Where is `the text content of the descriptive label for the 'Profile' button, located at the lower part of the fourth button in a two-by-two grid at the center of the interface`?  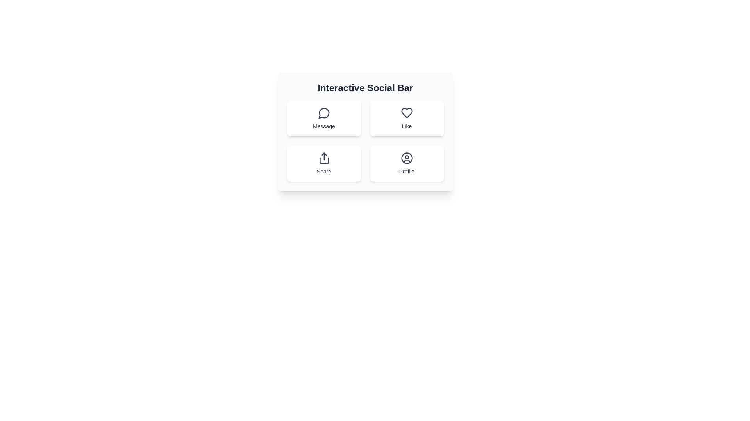
the text content of the descriptive label for the 'Profile' button, located at the lower part of the fourth button in a two-by-two grid at the center of the interface is located at coordinates (406, 171).